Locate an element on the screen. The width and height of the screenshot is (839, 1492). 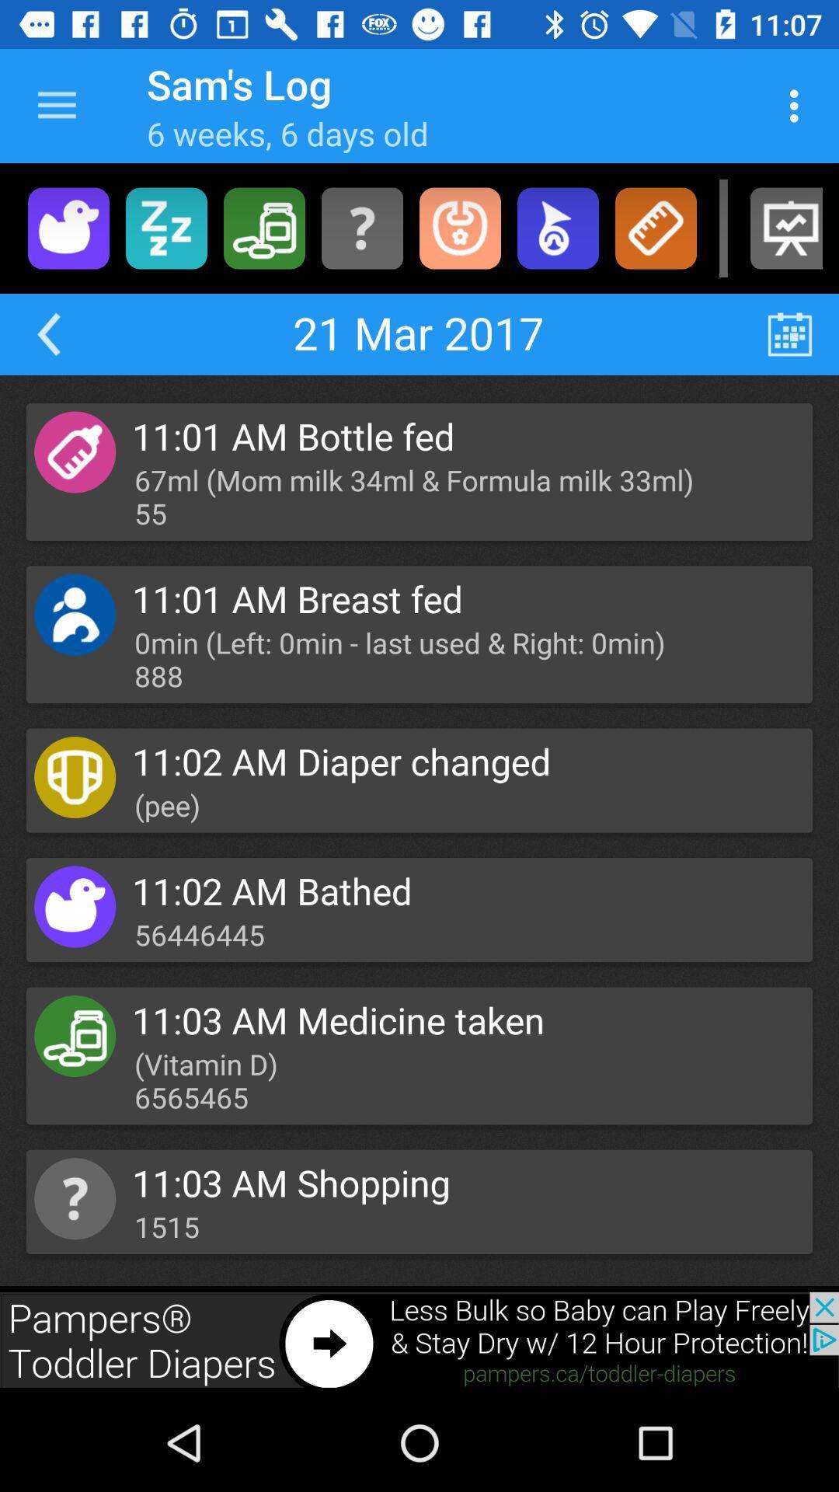
bath is located at coordinates (68, 227).